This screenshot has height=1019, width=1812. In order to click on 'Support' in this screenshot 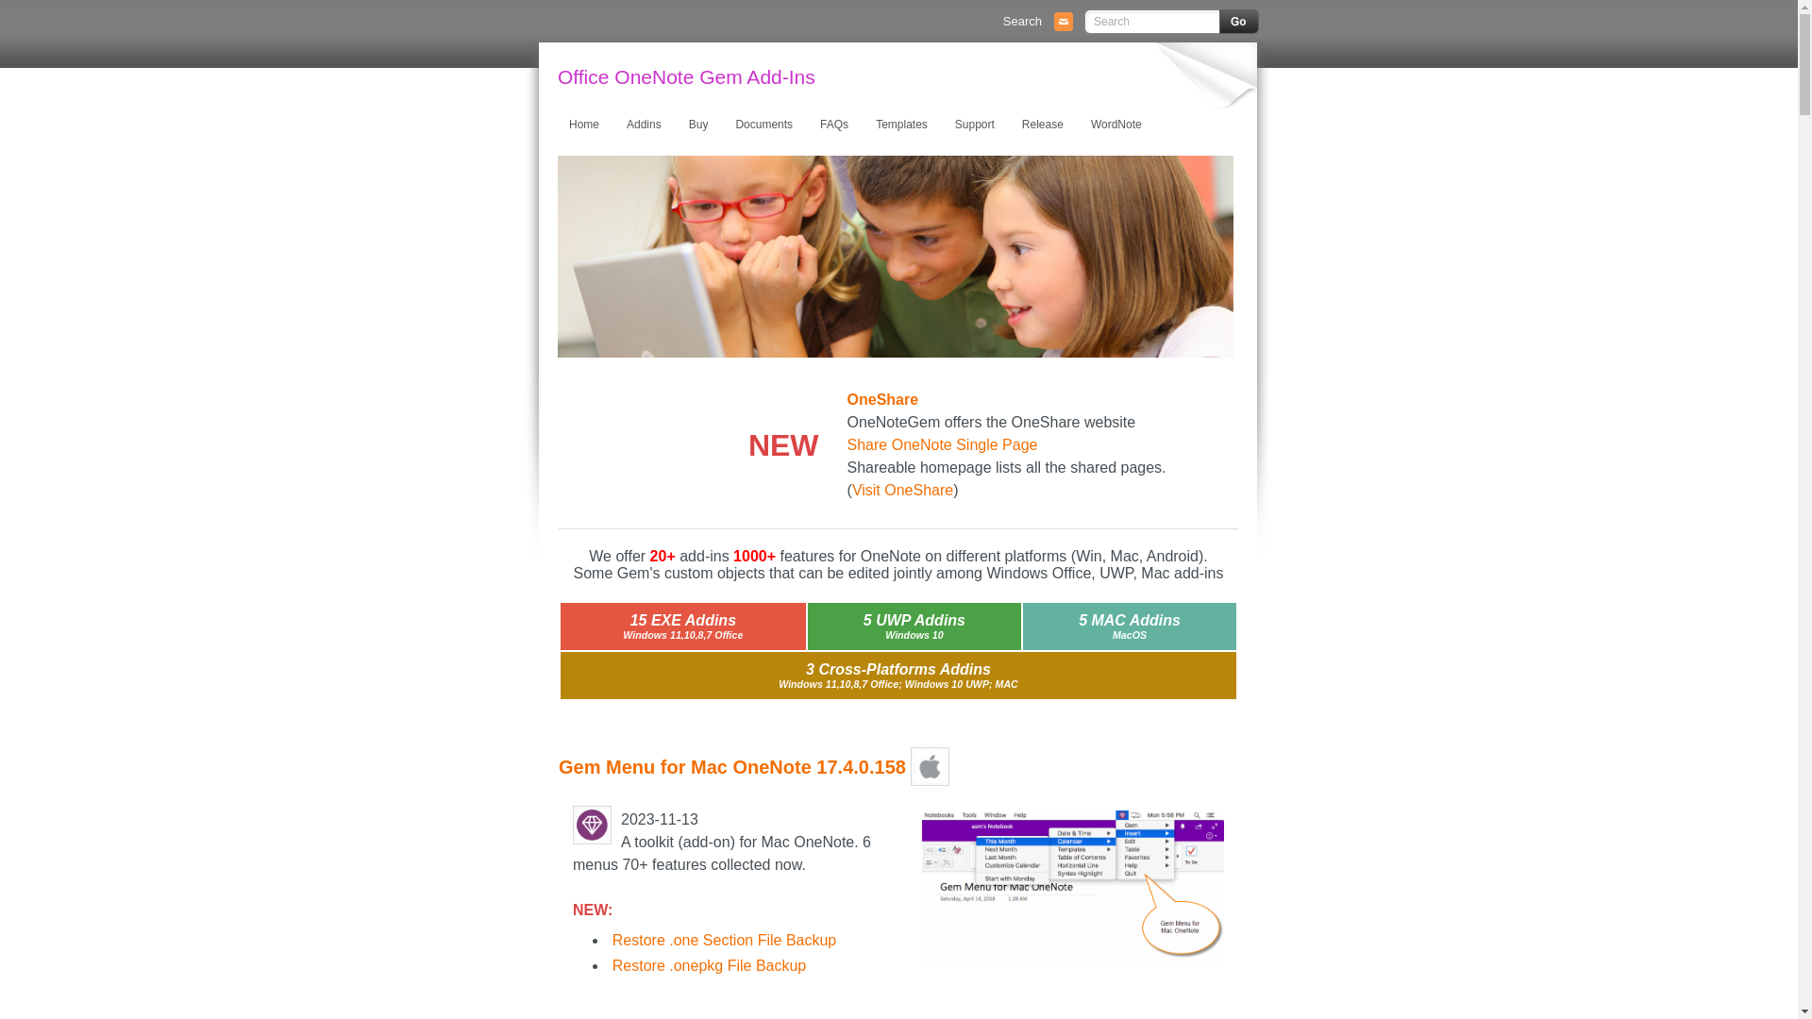, I will do `click(943, 124)`.